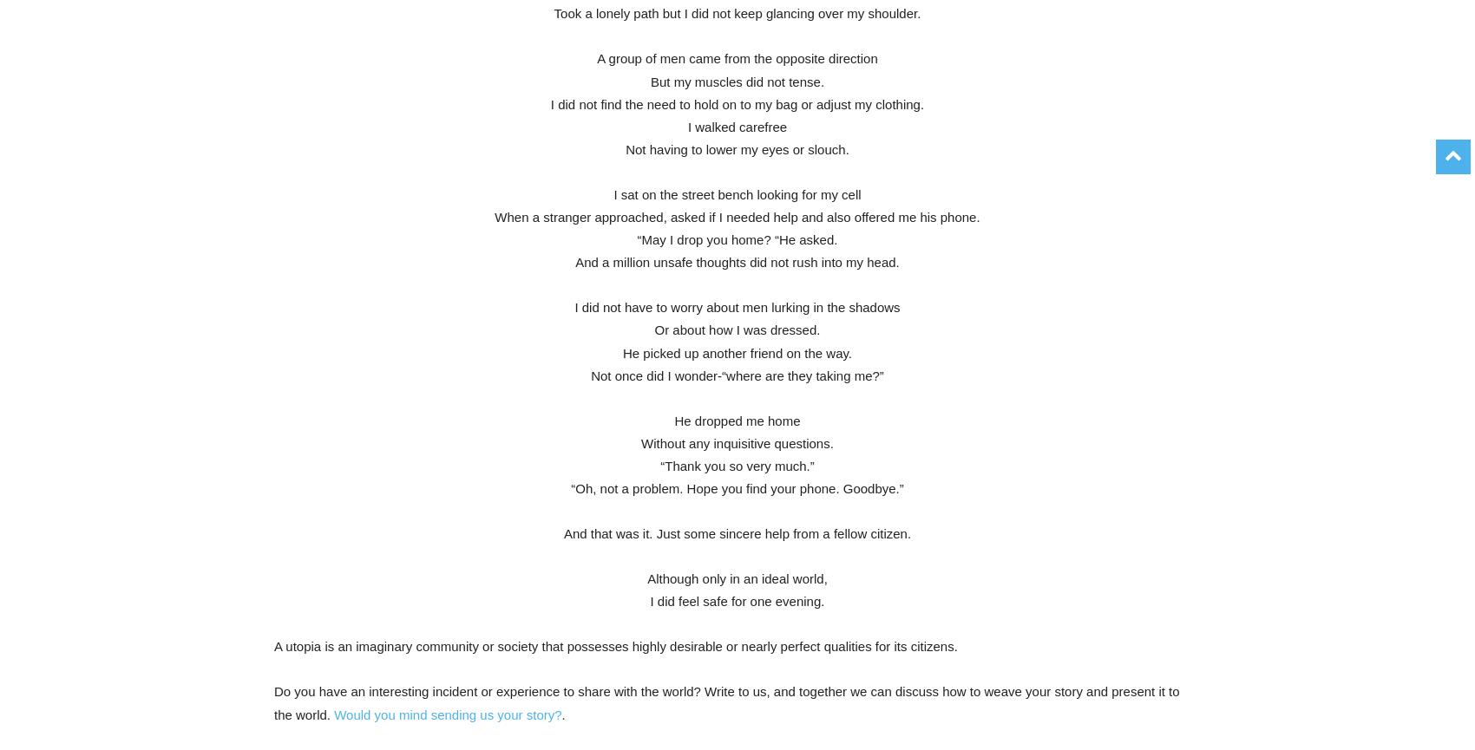  What do you see at coordinates (736, 578) in the screenshot?
I see `'Although only in an ideal world,'` at bounding box center [736, 578].